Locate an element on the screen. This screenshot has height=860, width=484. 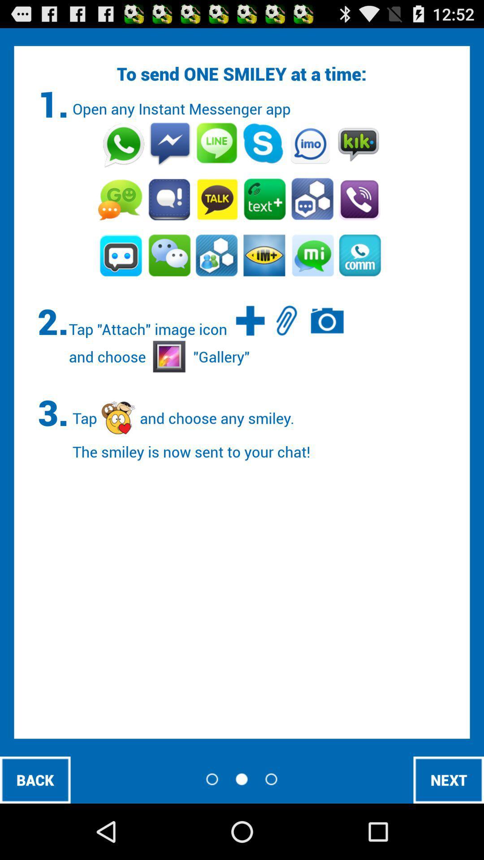
back button is located at coordinates (35, 779).